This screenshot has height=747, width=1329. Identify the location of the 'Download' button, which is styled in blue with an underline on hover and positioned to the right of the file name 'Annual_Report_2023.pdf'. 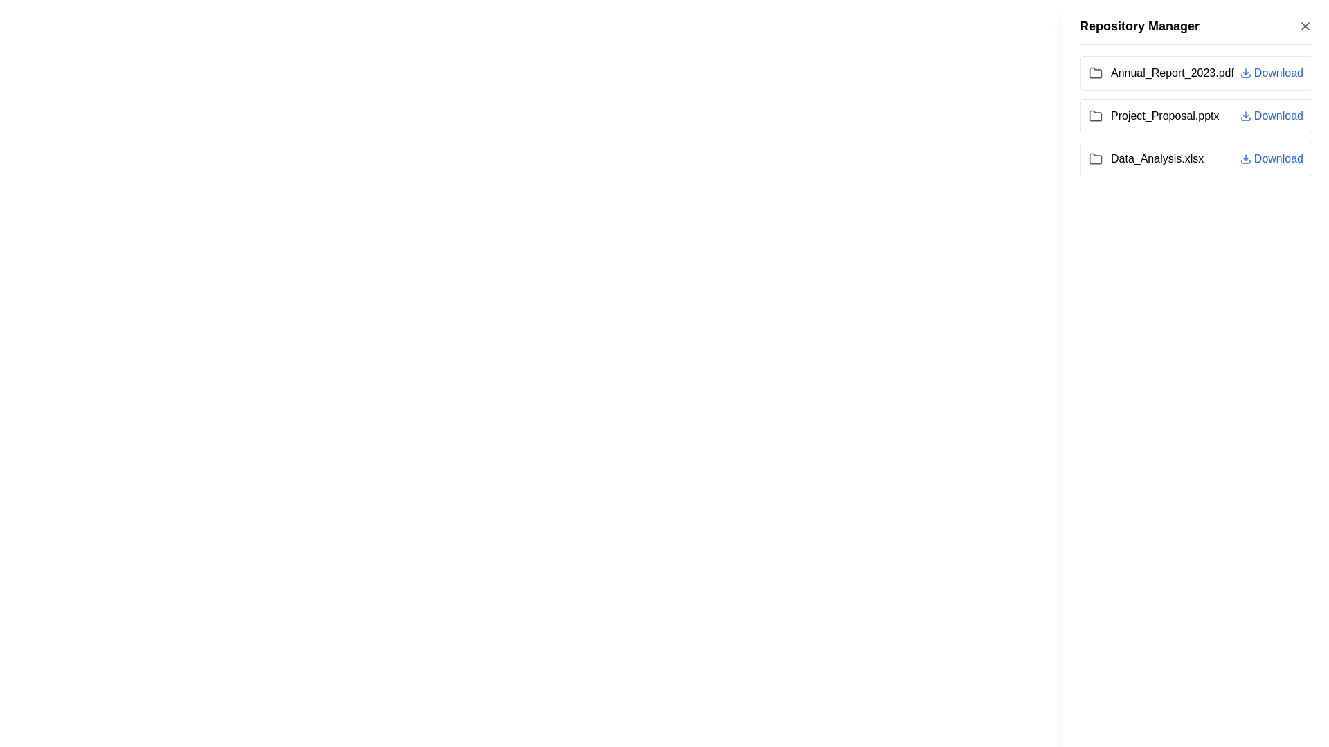
(1272, 73).